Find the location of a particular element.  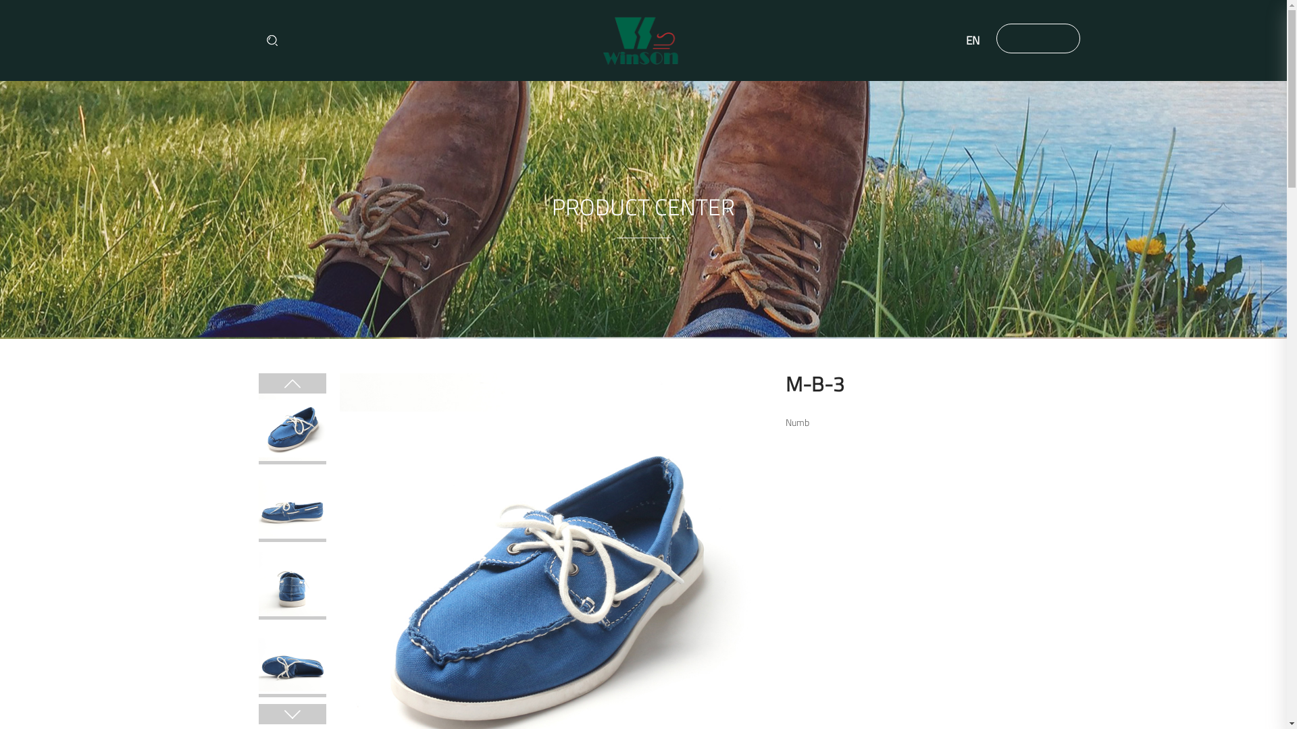

'EN' is located at coordinates (948, 40).